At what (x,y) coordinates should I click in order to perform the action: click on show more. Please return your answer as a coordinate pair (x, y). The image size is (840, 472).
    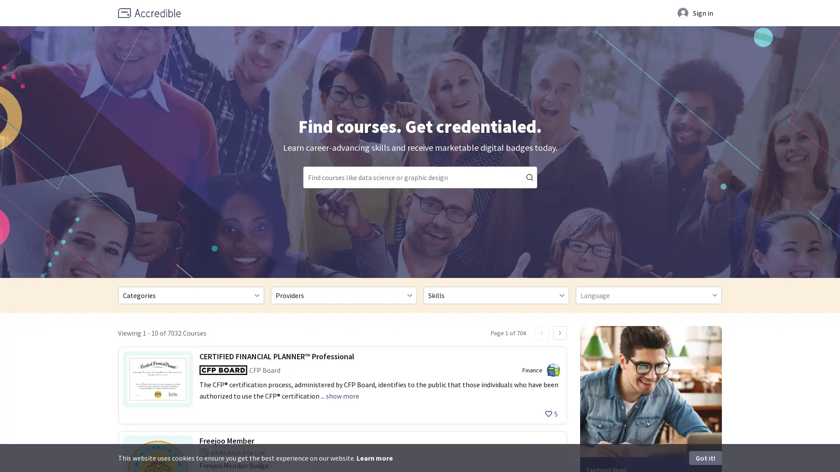
    Looking at the image, I should click on (342, 396).